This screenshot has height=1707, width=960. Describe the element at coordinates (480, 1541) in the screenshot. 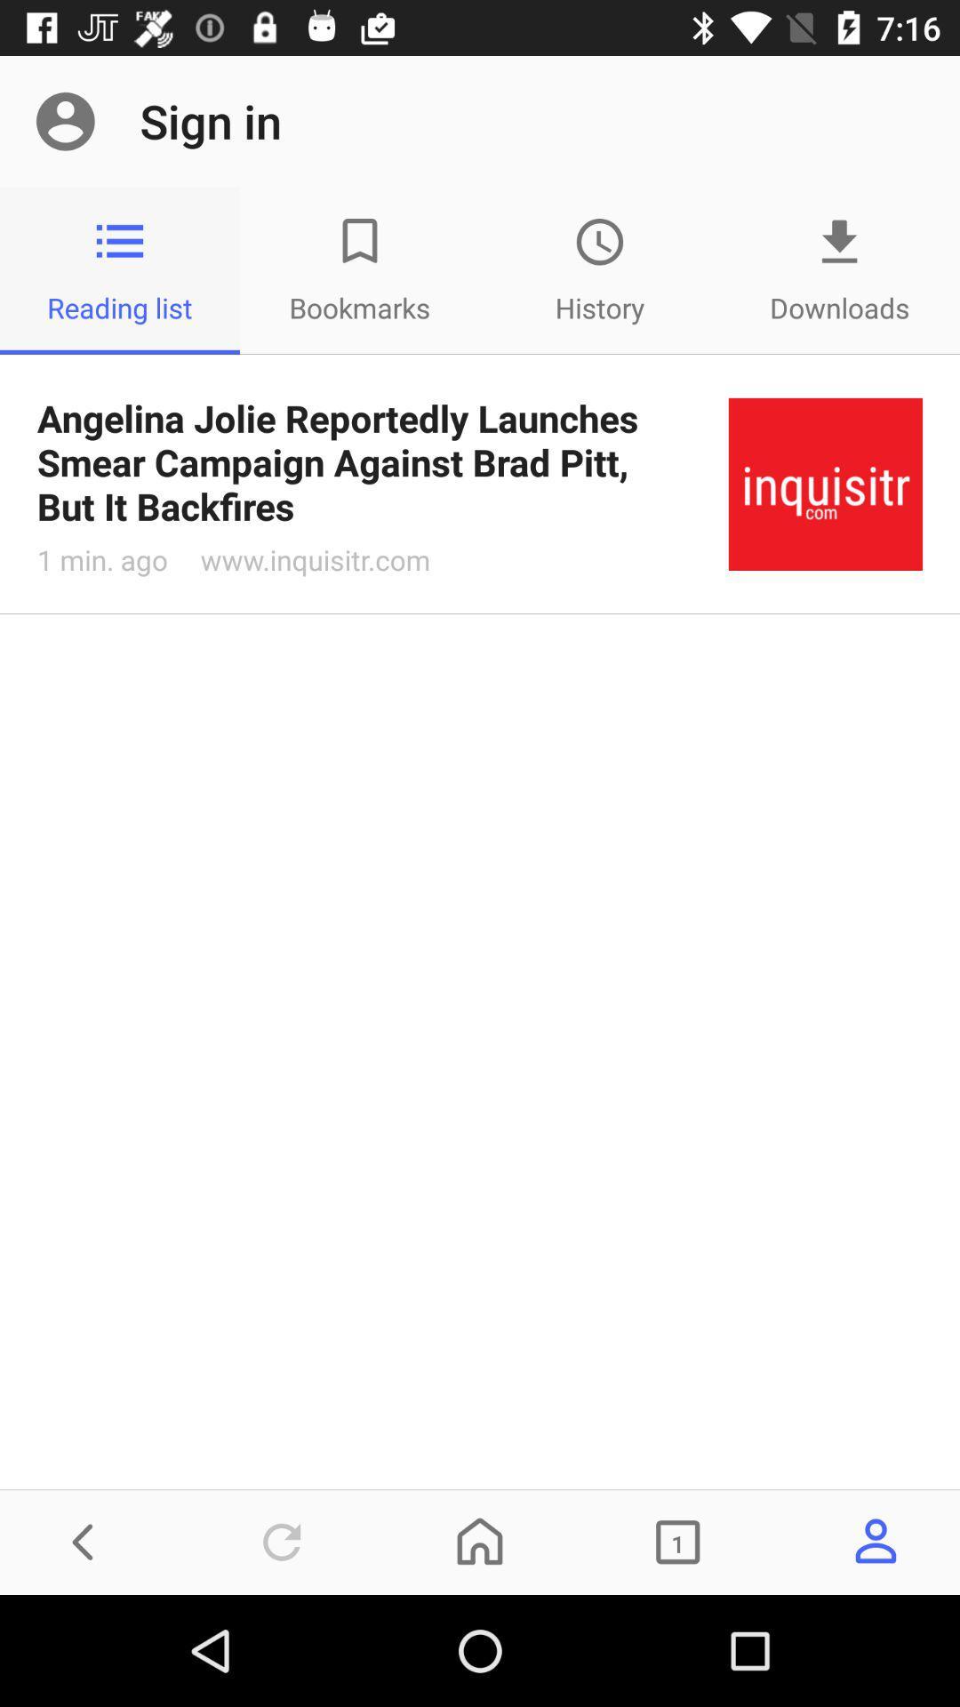

I see `the home icon` at that location.